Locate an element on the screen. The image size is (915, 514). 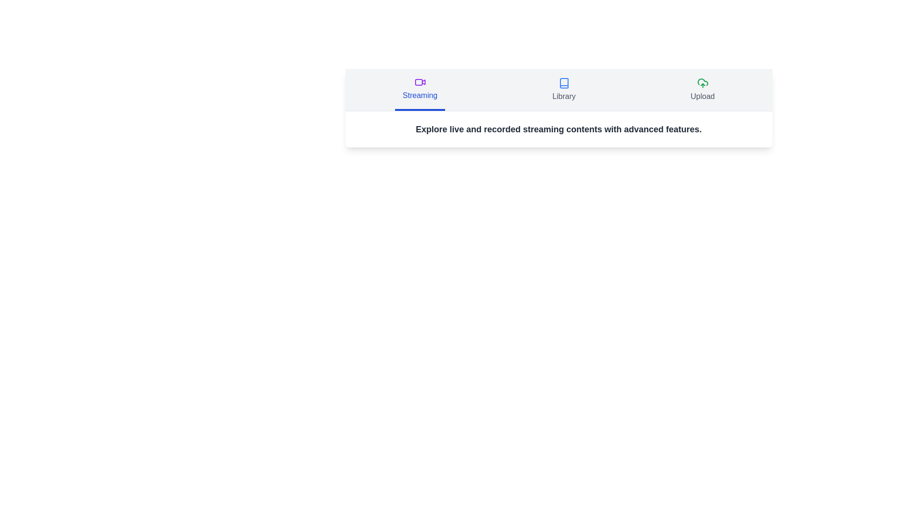
the Library tab is located at coordinates (564, 90).